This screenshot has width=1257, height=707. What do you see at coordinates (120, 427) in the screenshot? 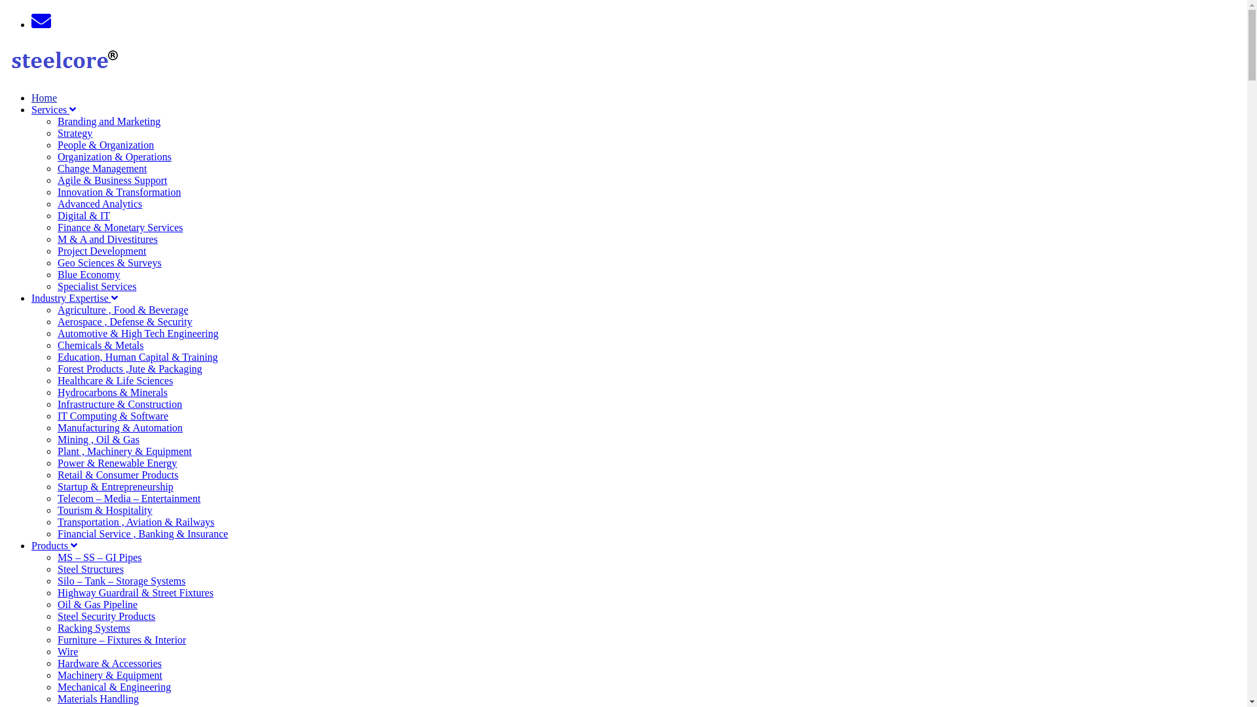
I see `'Manufacturing & Automation'` at bounding box center [120, 427].